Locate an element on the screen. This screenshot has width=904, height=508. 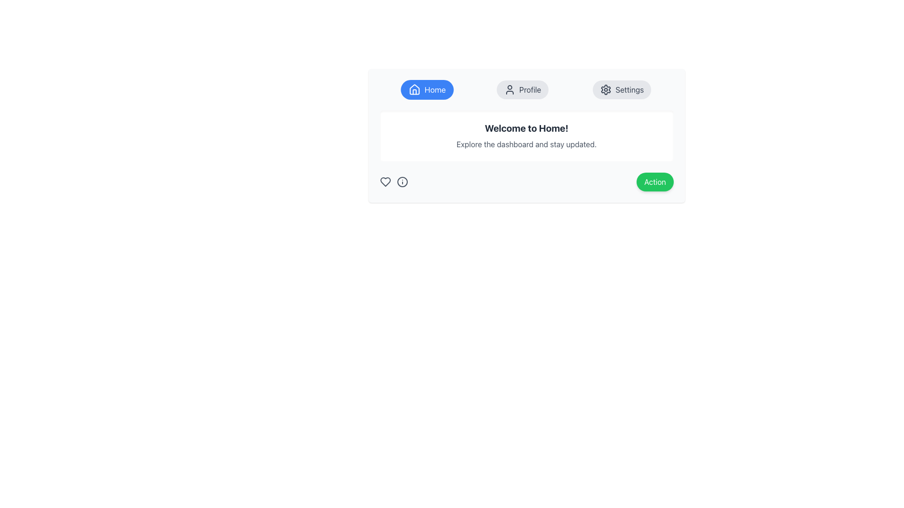
the heart-shaped icon outlined in dark color, which is the first symbol in a horizontal group of icons at the bottom-left corner of a white card interface is located at coordinates (385, 182).